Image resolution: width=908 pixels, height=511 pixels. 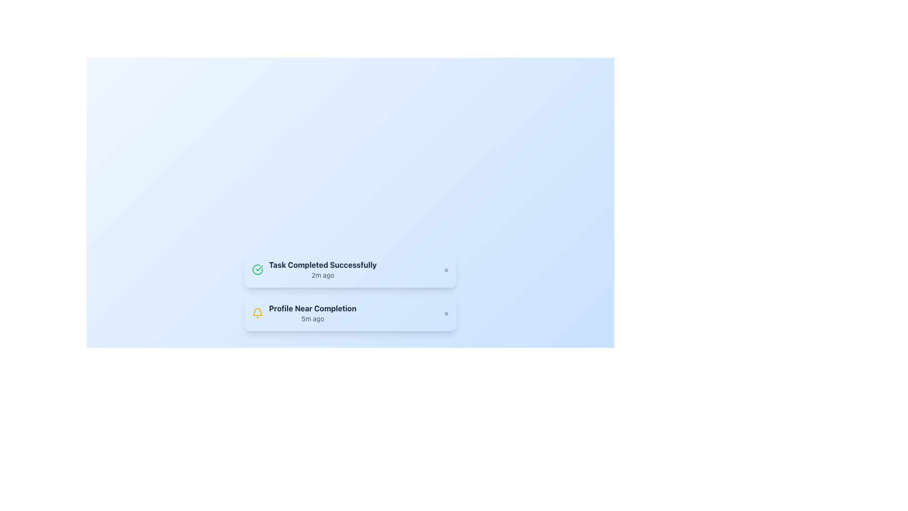 I want to click on the Text Label indicating the time of the notification event in the 'Profile Near Completion' card, located in the bottom right segment below the heading, so click(x=313, y=319).